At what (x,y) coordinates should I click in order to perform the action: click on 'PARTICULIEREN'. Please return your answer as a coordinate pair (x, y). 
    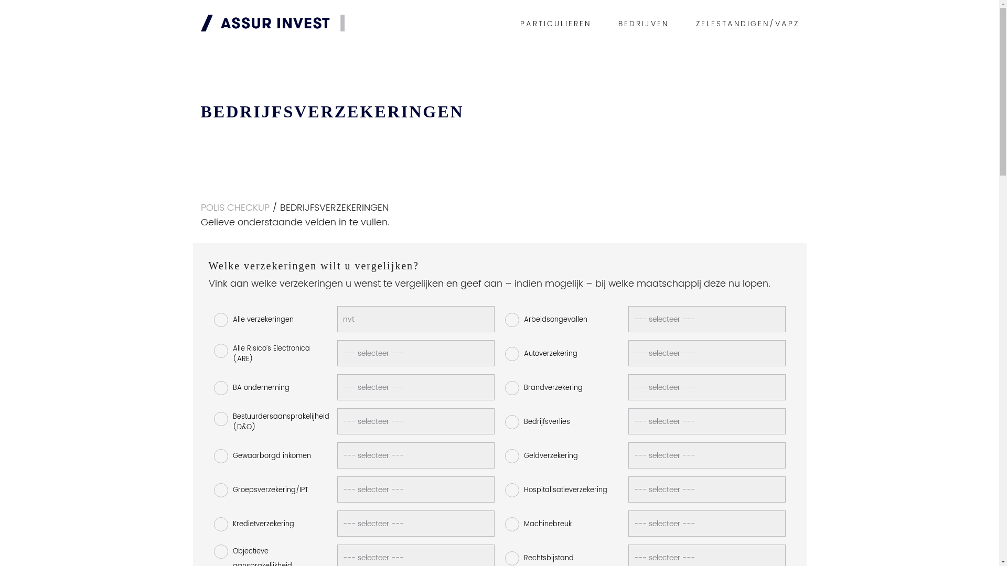
    Looking at the image, I should click on (555, 24).